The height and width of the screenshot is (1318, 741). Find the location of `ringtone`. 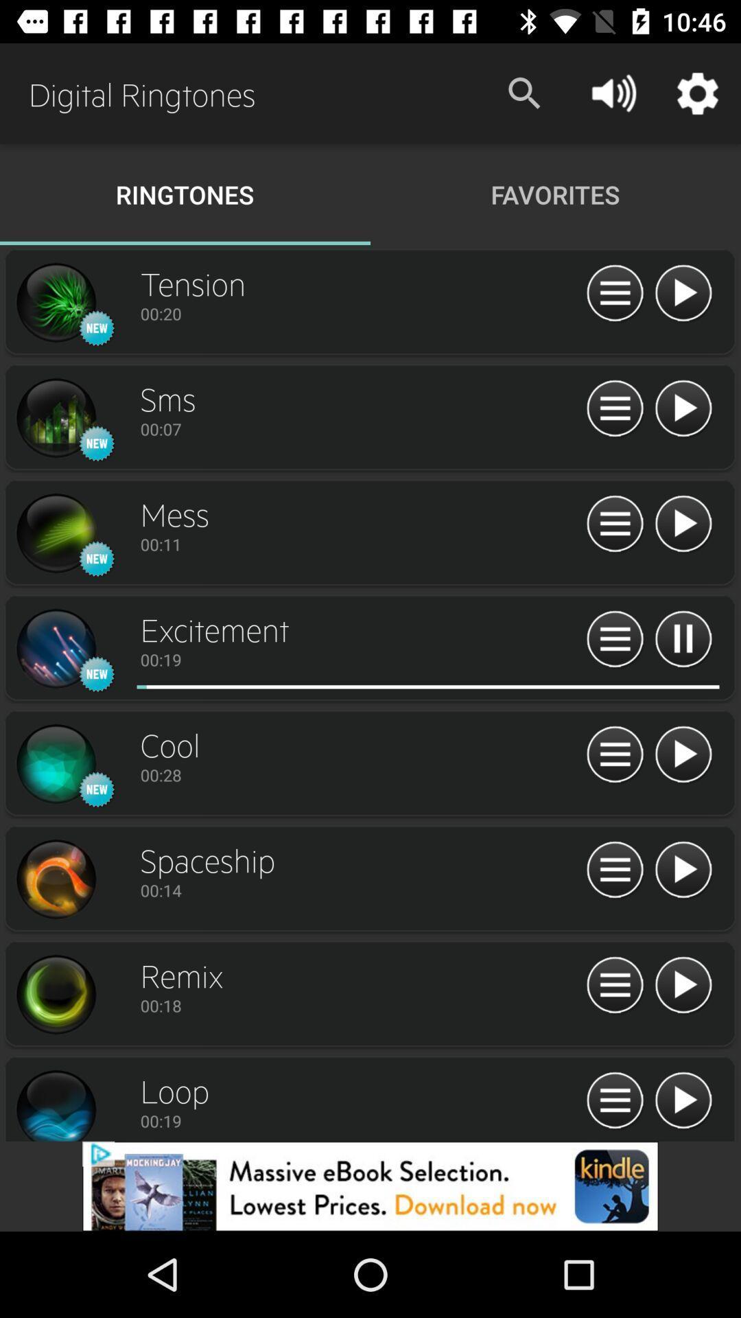

ringtone is located at coordinates (683, 293).